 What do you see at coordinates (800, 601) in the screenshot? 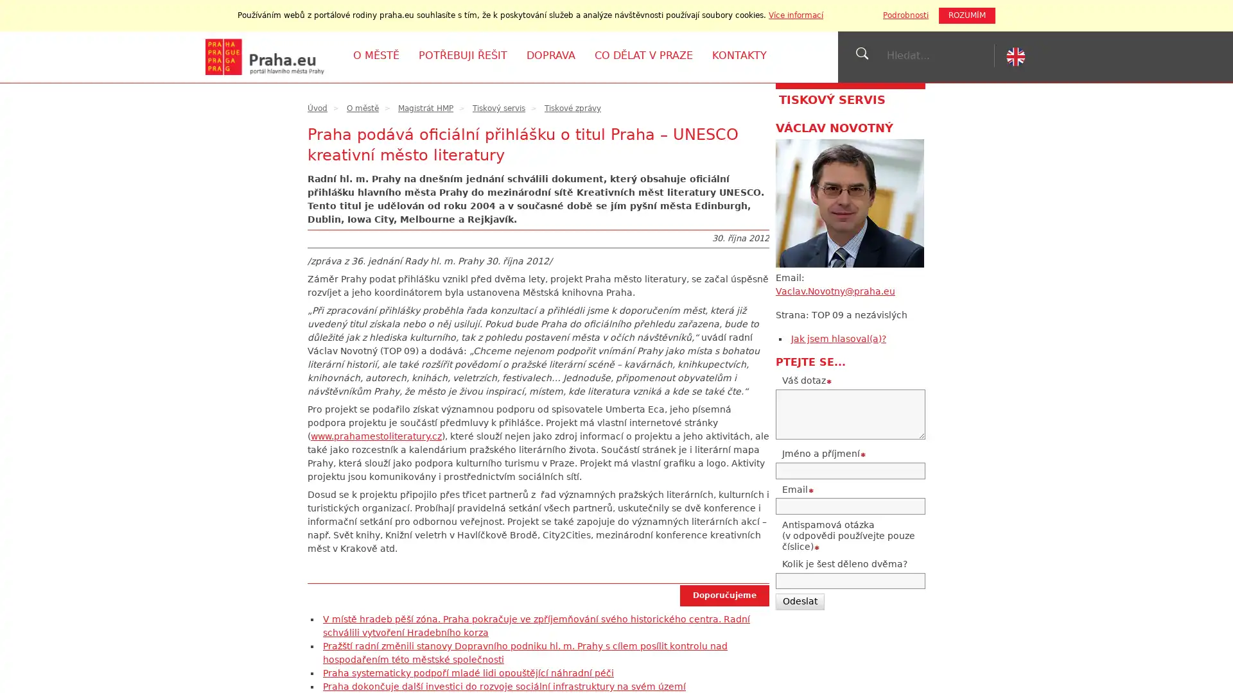
I see `Odeslat` at bounding box center [800, 601].